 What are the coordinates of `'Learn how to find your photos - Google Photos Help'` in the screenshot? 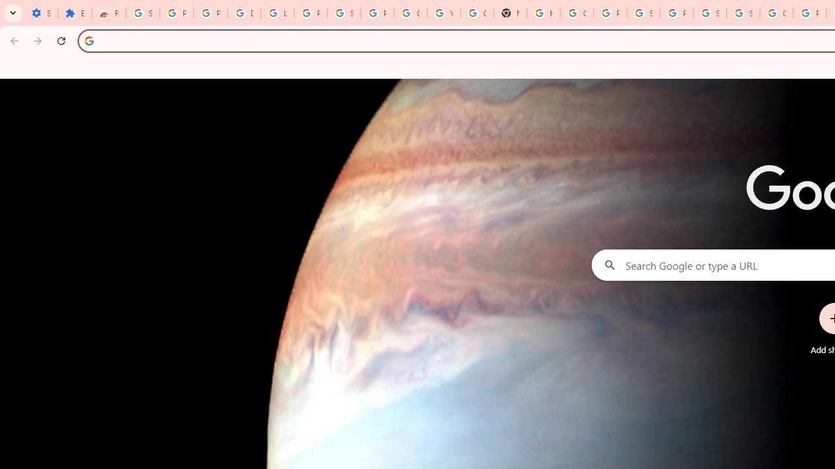 It's located at (276, 13).